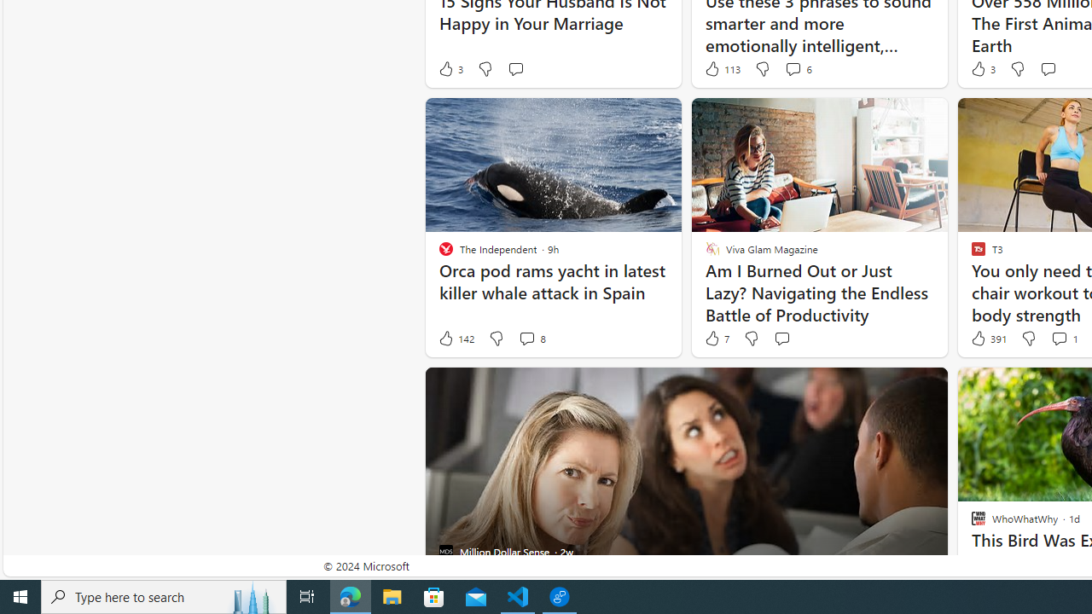  What do you see at coordinates (987, 339) in the screenshot?
I see `'391 Like'` at bounding box center [987, 339].